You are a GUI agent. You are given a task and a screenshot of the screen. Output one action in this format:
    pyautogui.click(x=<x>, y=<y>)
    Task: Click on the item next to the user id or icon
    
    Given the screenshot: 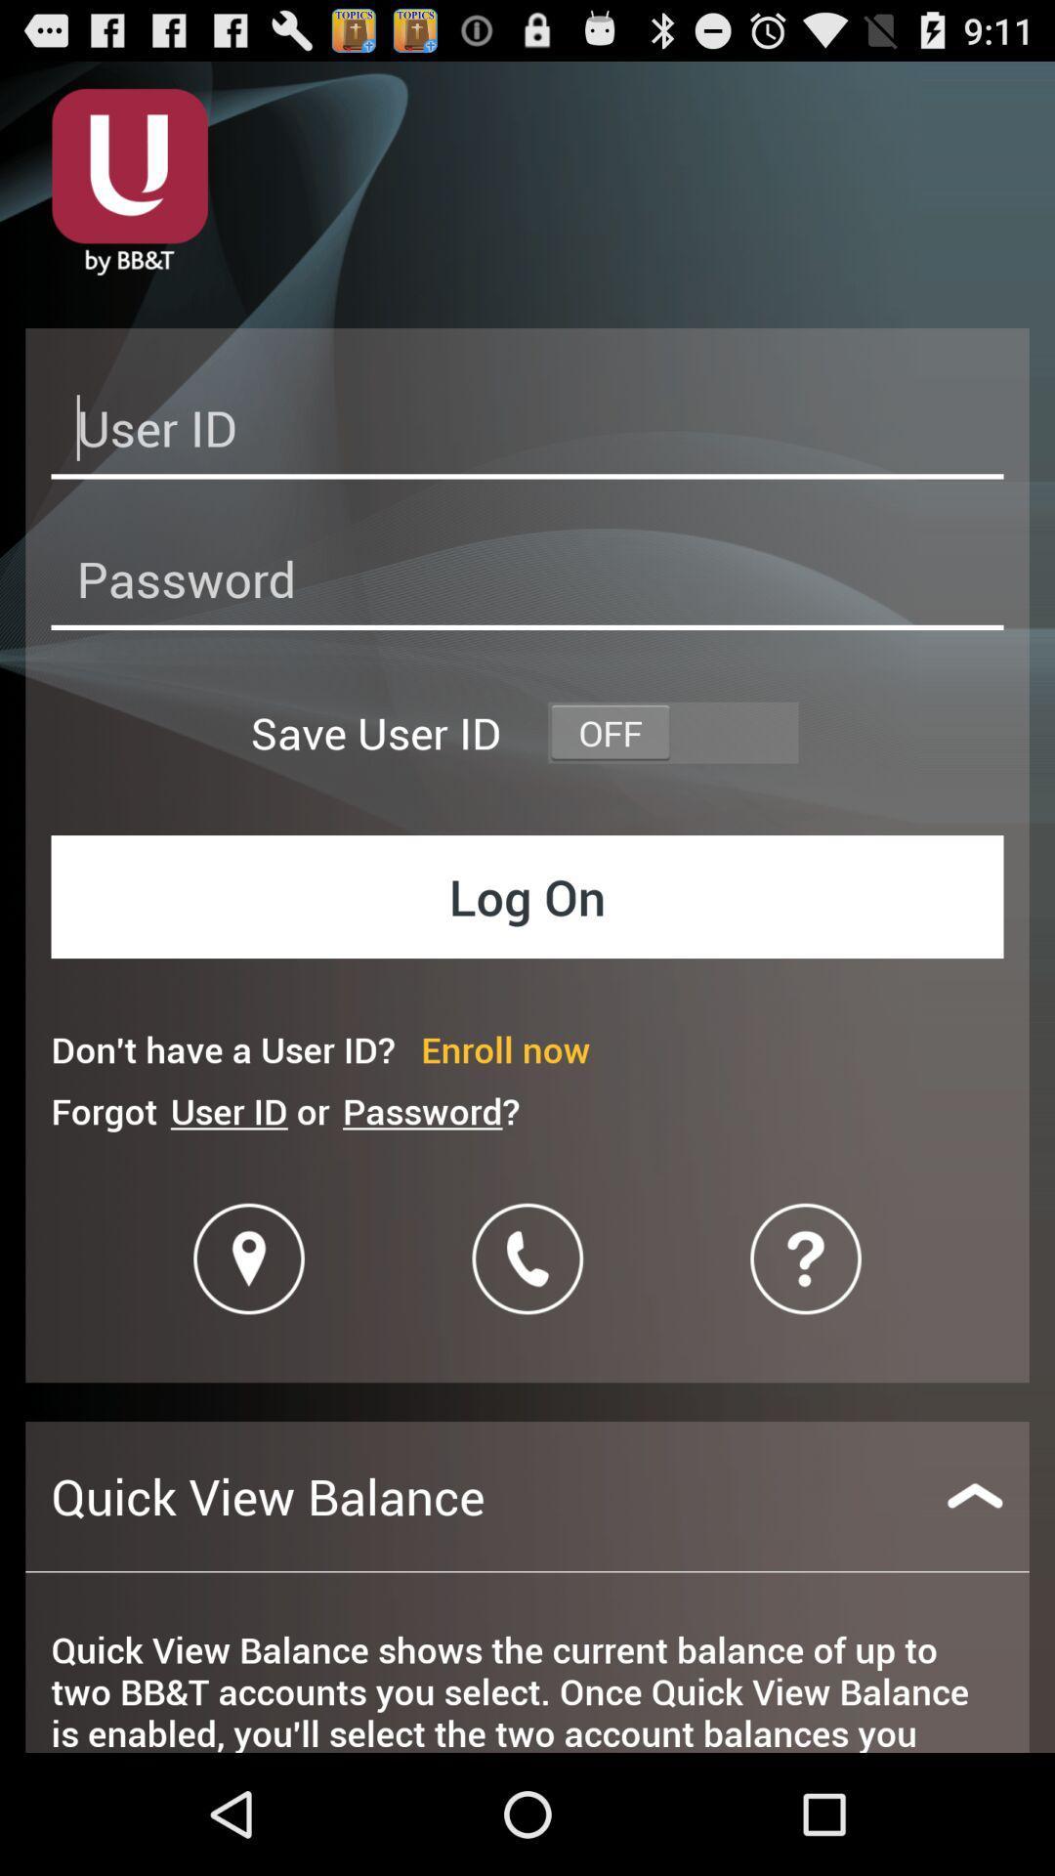 What is the action you would take?
    pyautogui.click(x=430, y=1111)
    